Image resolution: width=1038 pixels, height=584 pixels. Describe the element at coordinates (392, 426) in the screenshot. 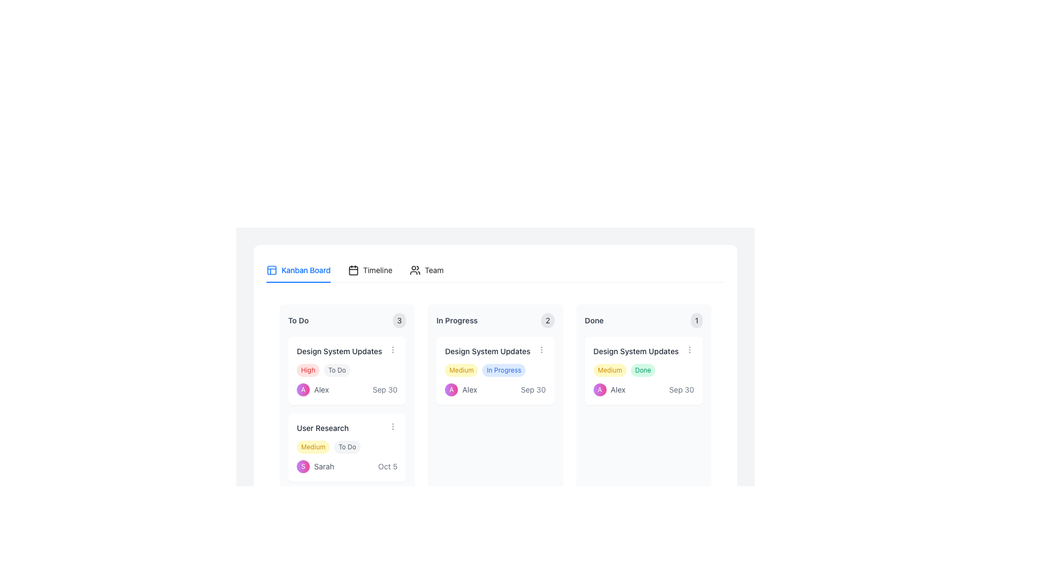

I see `the button located on the far-right side of the 'User Research' card in the 'To Do' column` at that location.